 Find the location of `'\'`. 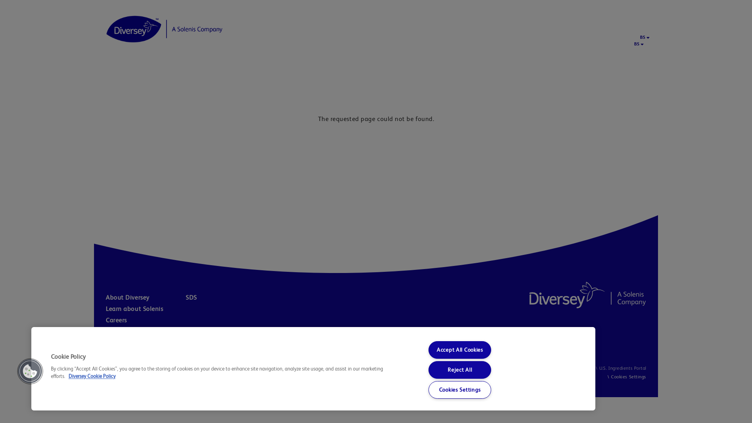

'\' is located at coordinates (608, 376).